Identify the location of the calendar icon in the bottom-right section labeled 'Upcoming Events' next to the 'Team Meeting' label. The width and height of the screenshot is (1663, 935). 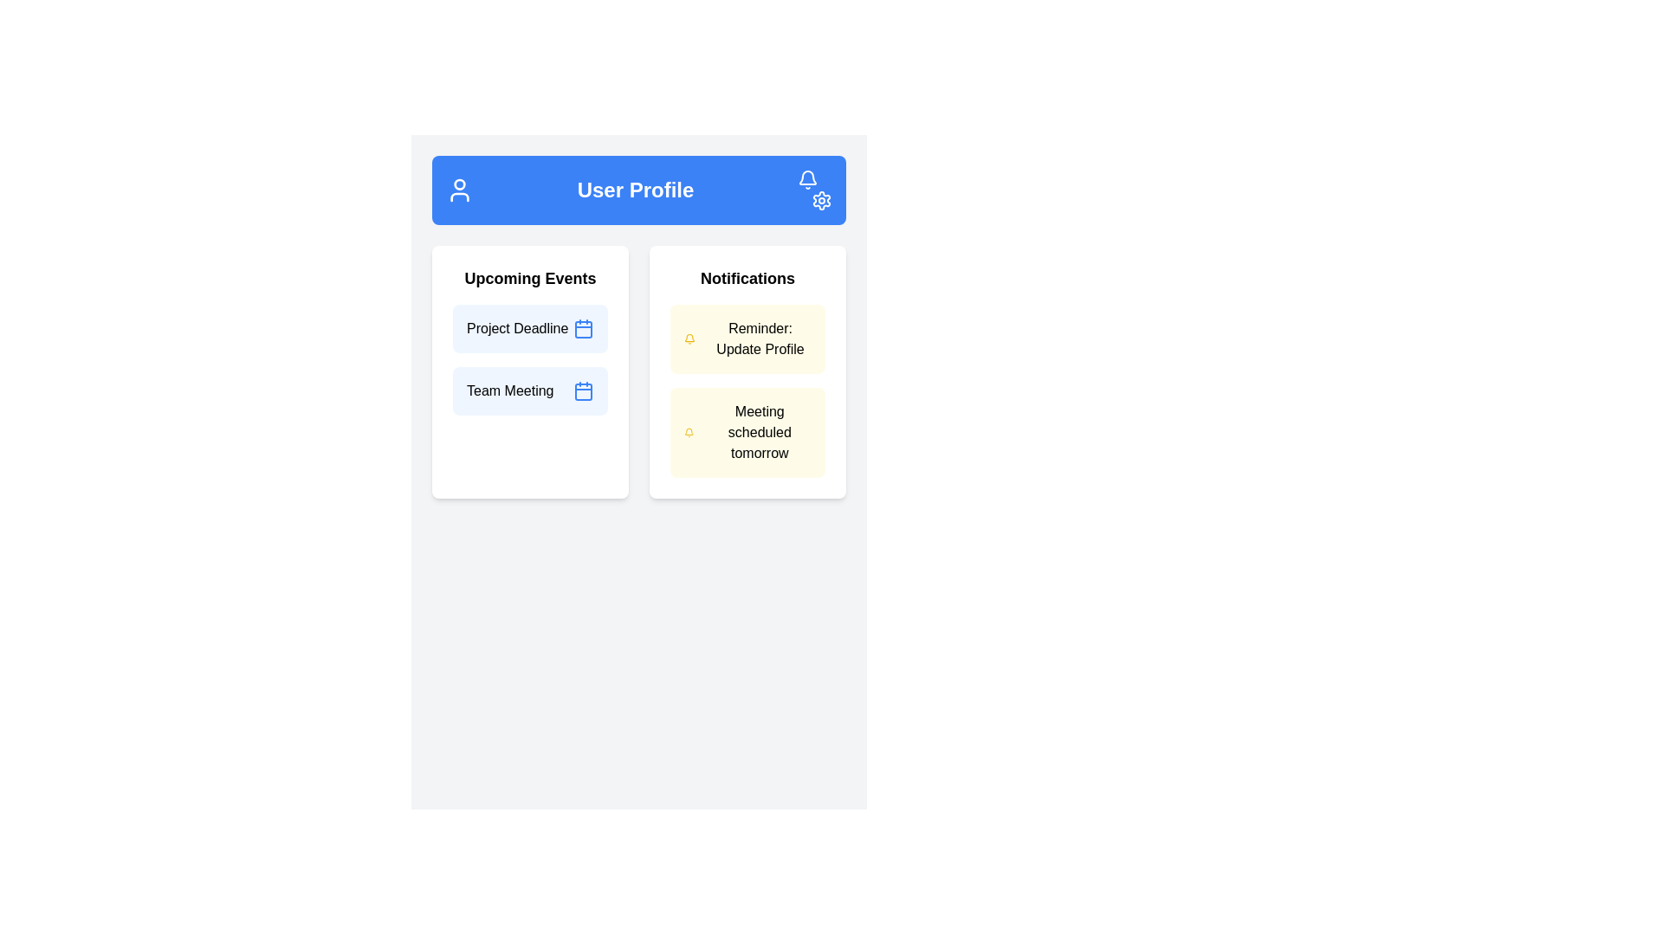
(583, 391).